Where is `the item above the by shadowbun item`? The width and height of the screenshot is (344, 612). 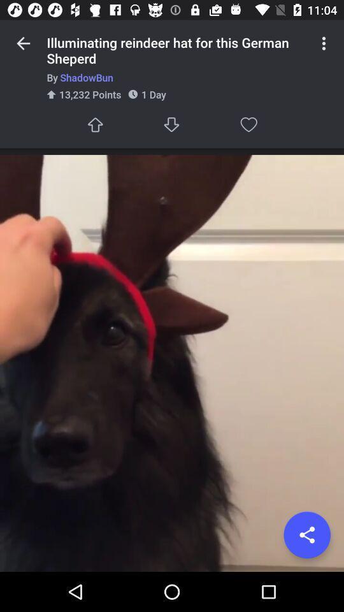 the item above the by shadowbun item is located at coordinates (23, 43).